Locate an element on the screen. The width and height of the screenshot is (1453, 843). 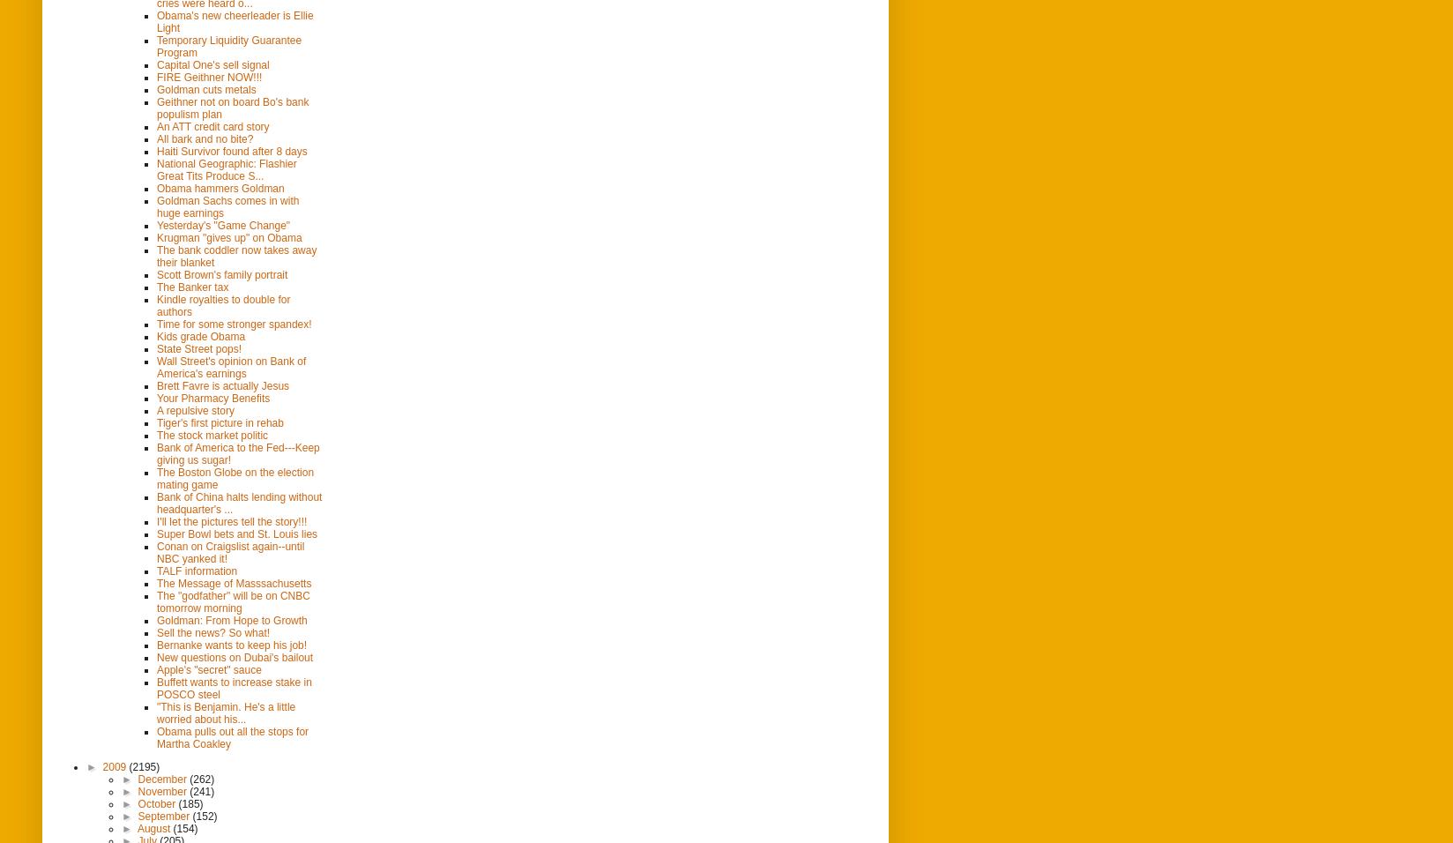
'Geithner not on board Bo's bank populism plan' is located at coordinates (232, 107).